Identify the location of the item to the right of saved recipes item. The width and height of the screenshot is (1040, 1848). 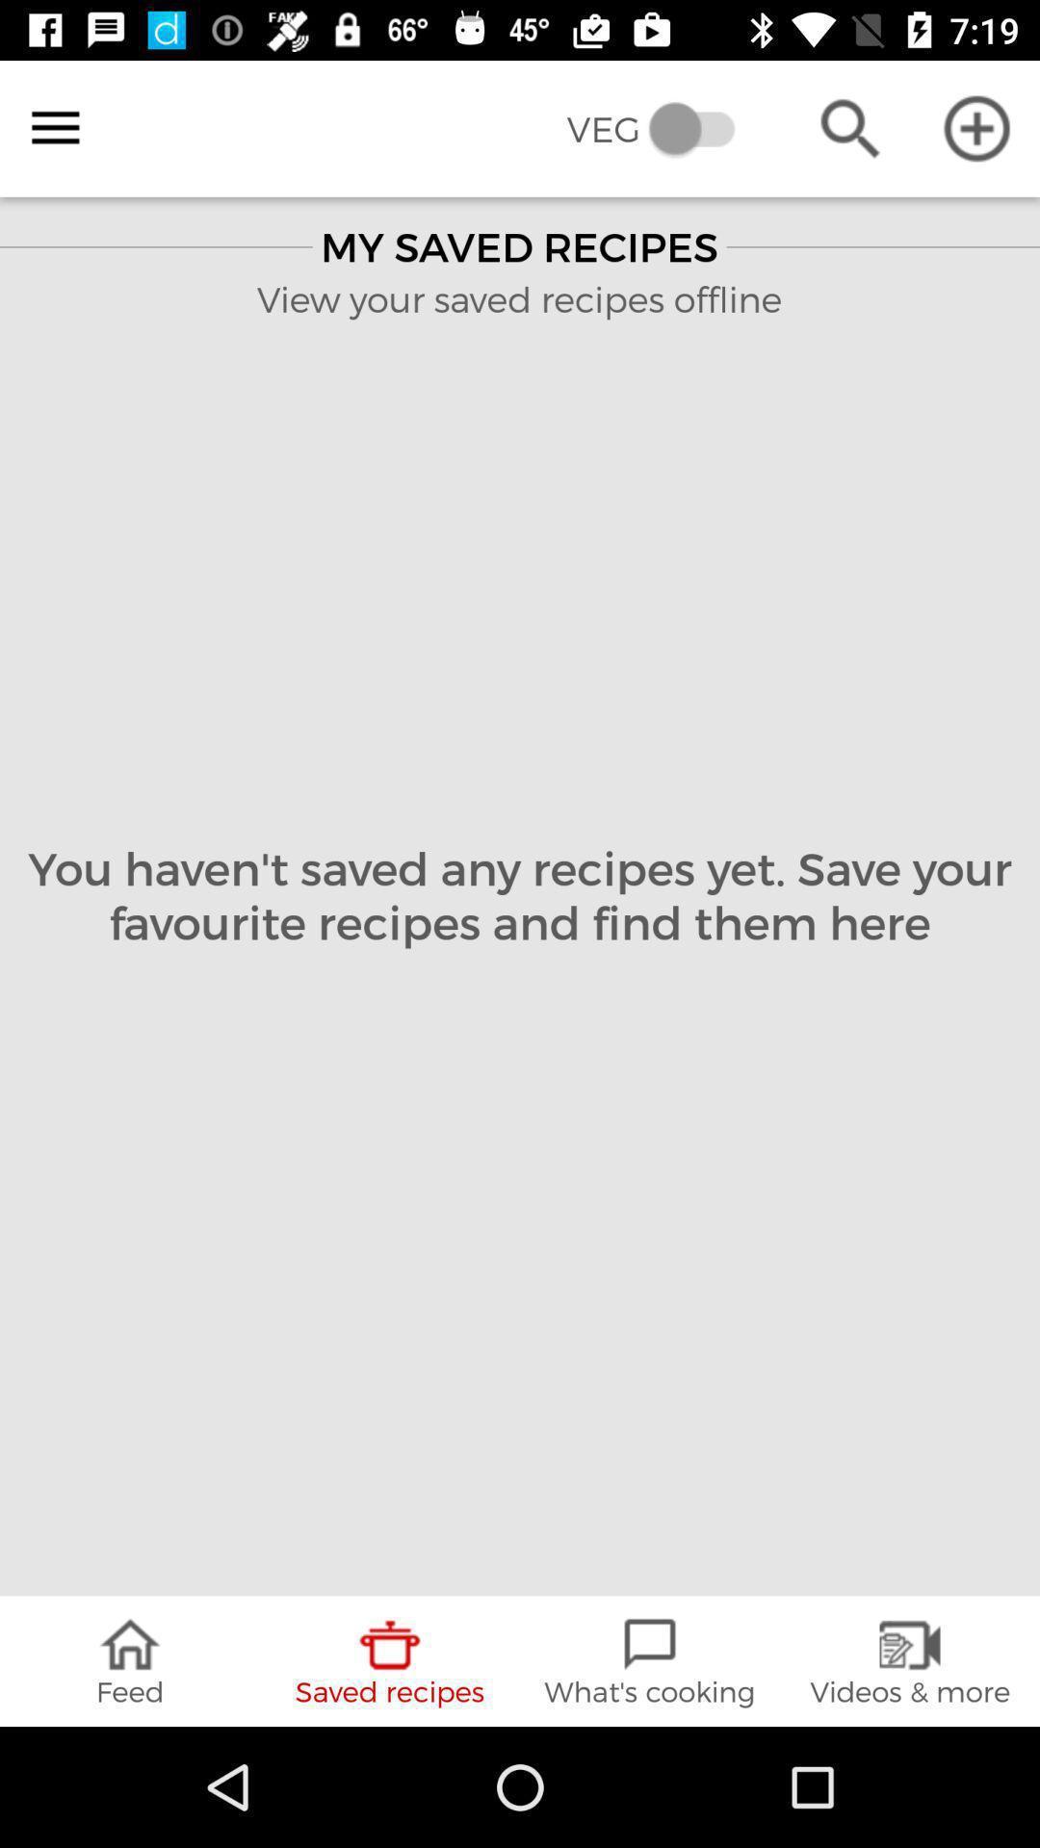
(650, 1660).